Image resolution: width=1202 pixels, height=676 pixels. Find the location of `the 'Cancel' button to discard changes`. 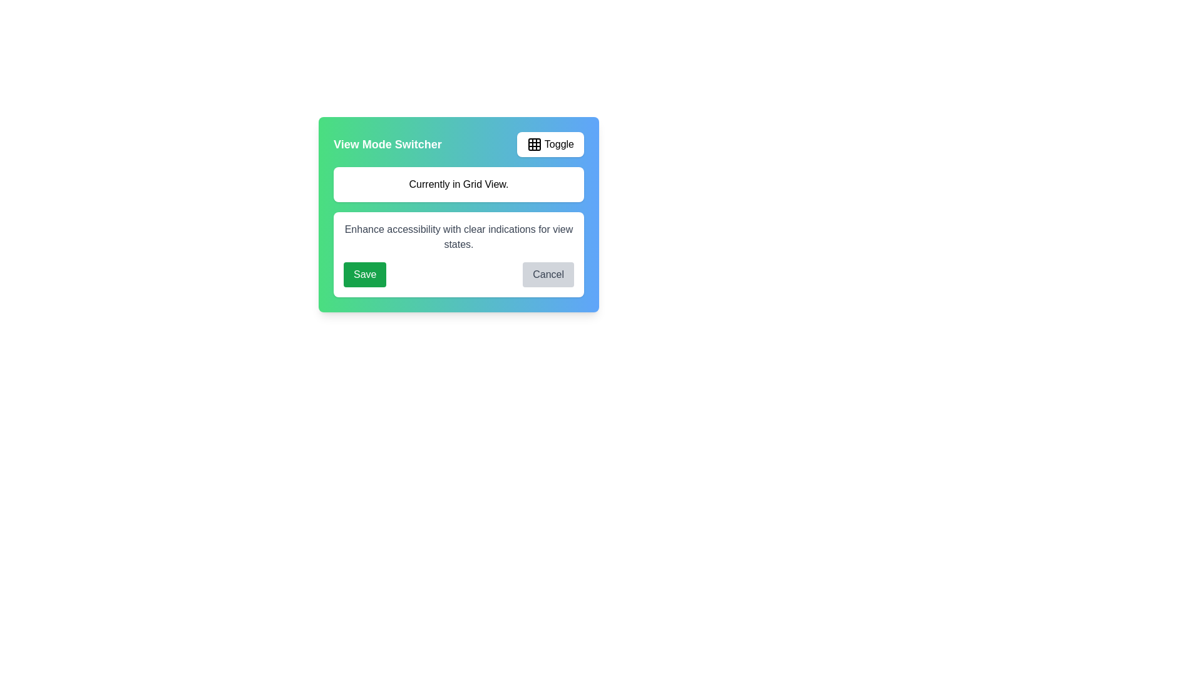

the 'Cancel' button to discard changes is located at coordinates (548, 274).